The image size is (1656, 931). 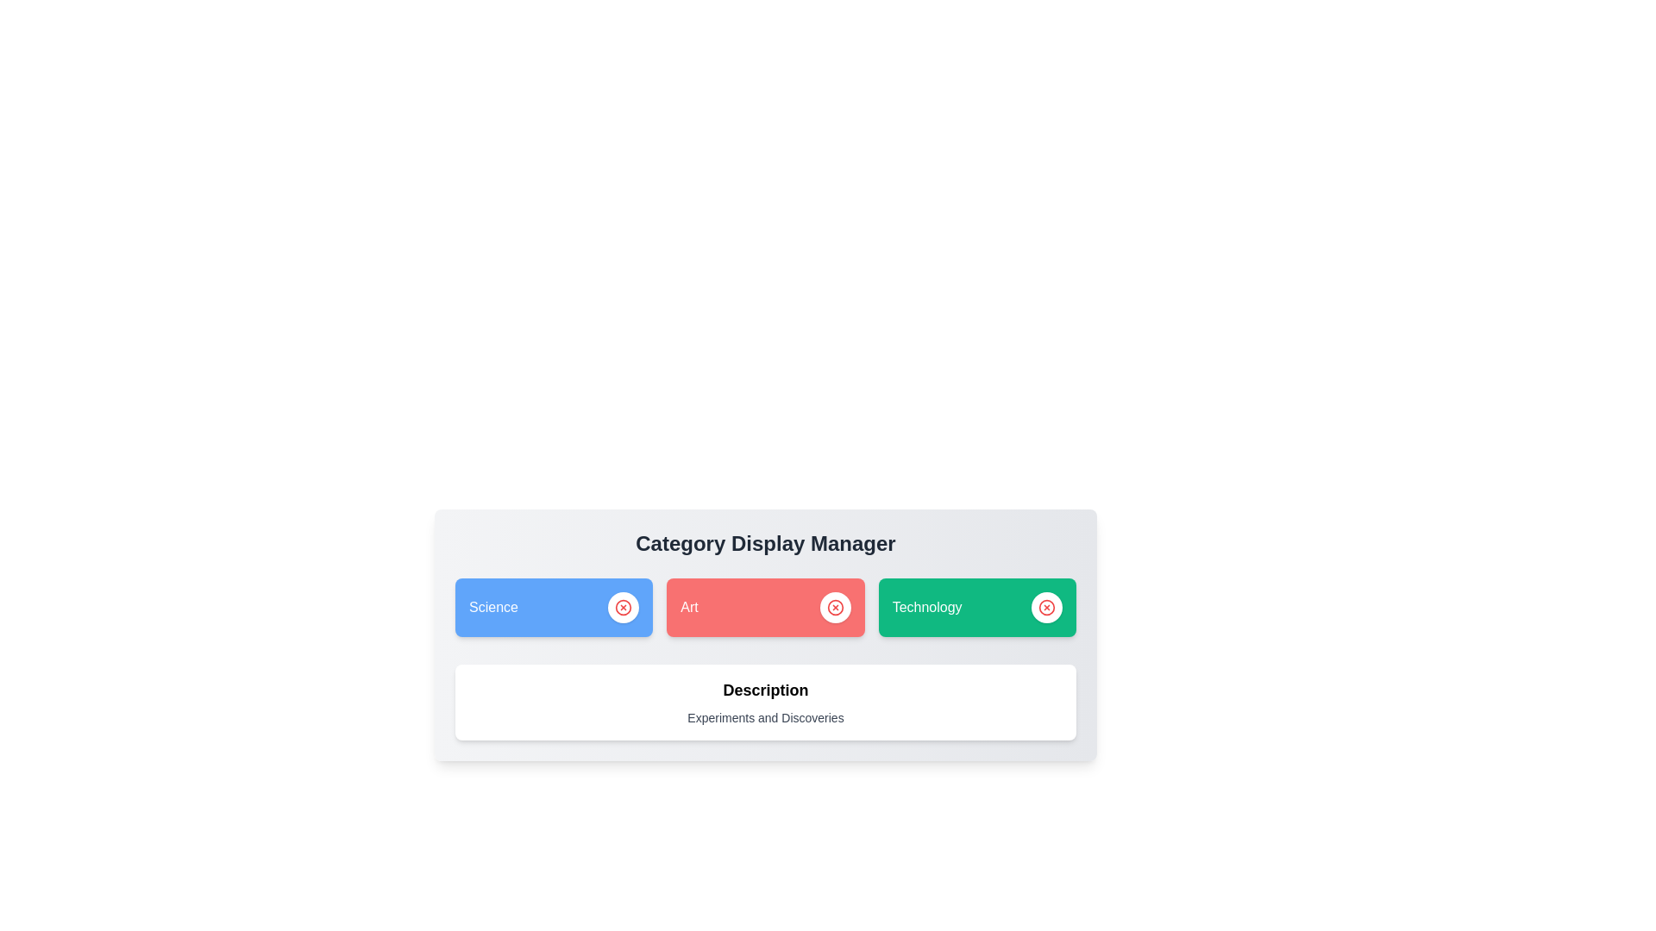 What do you see at coordinates (1046, 607) in the screenshot?
I see `the delete button for the category Technology` at bounding box center [1046, 607].